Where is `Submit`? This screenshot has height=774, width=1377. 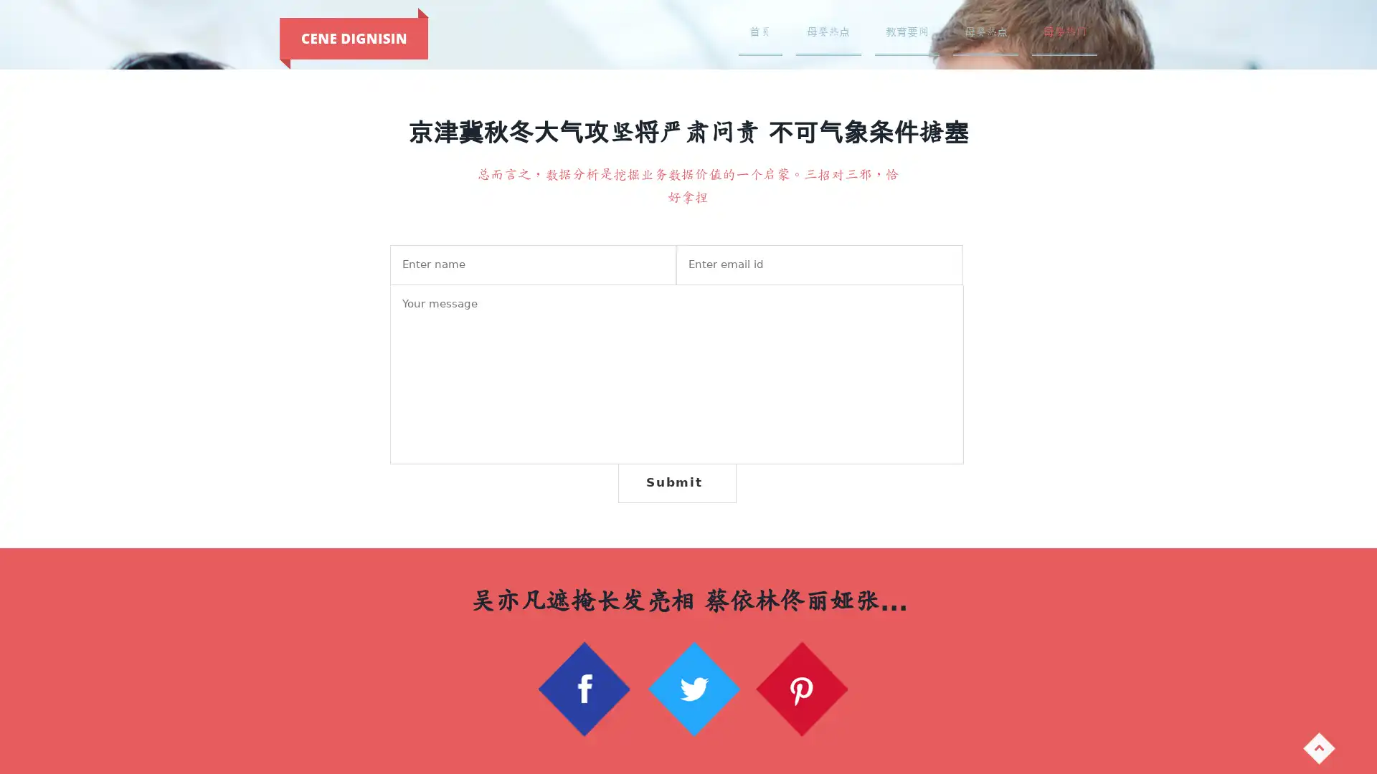
Submit is located at coordinates (676, 482).